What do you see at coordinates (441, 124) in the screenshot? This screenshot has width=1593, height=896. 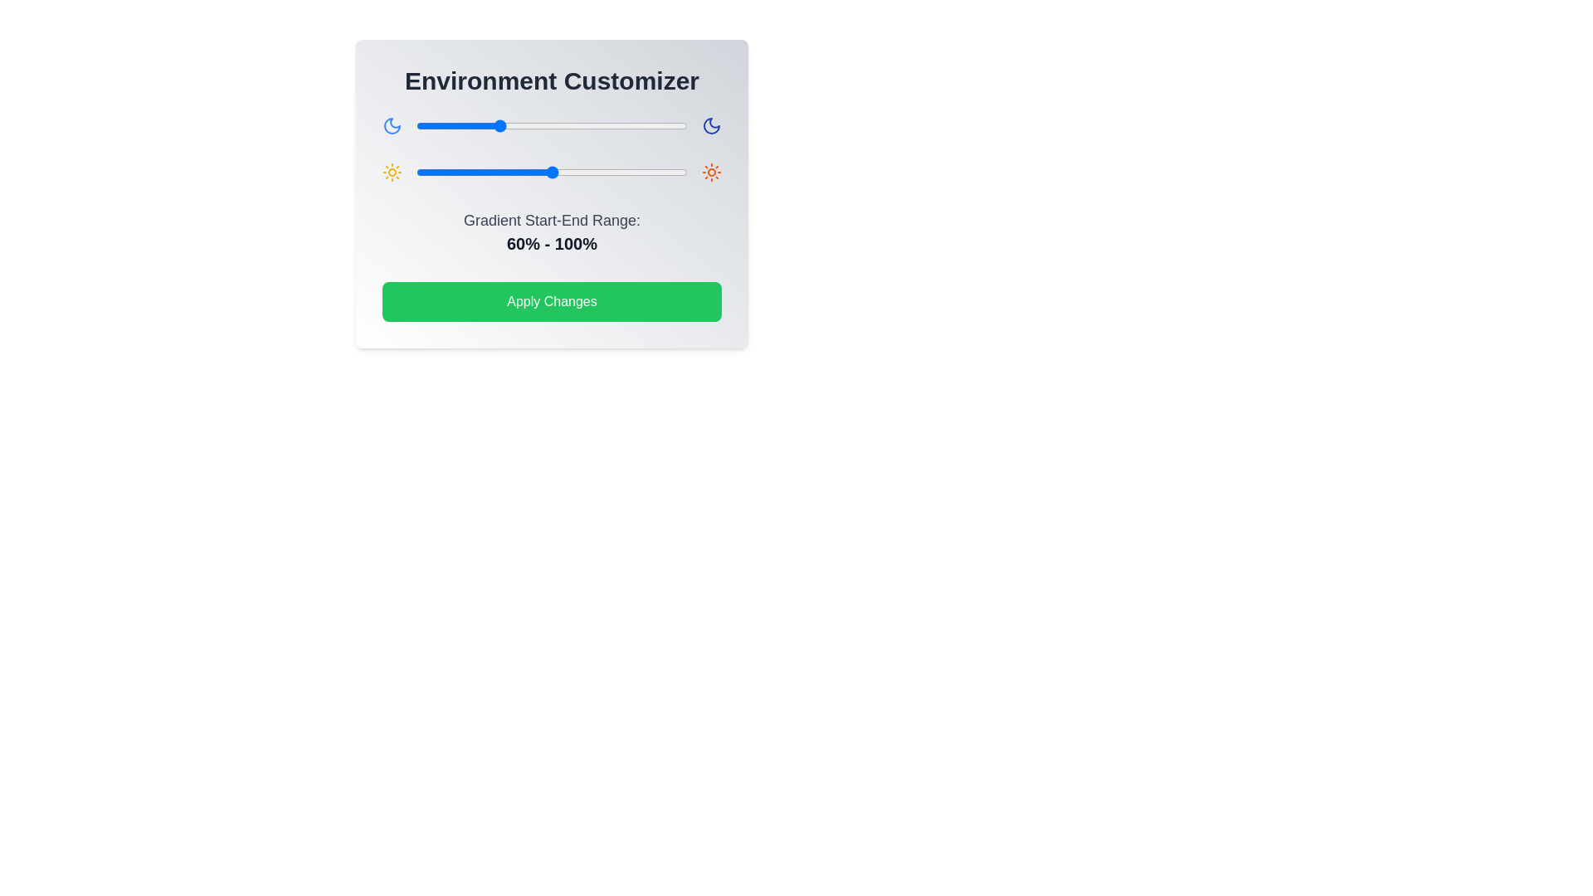 I see `the gradient slider 0 to 18` at bounding box center [441, 124].